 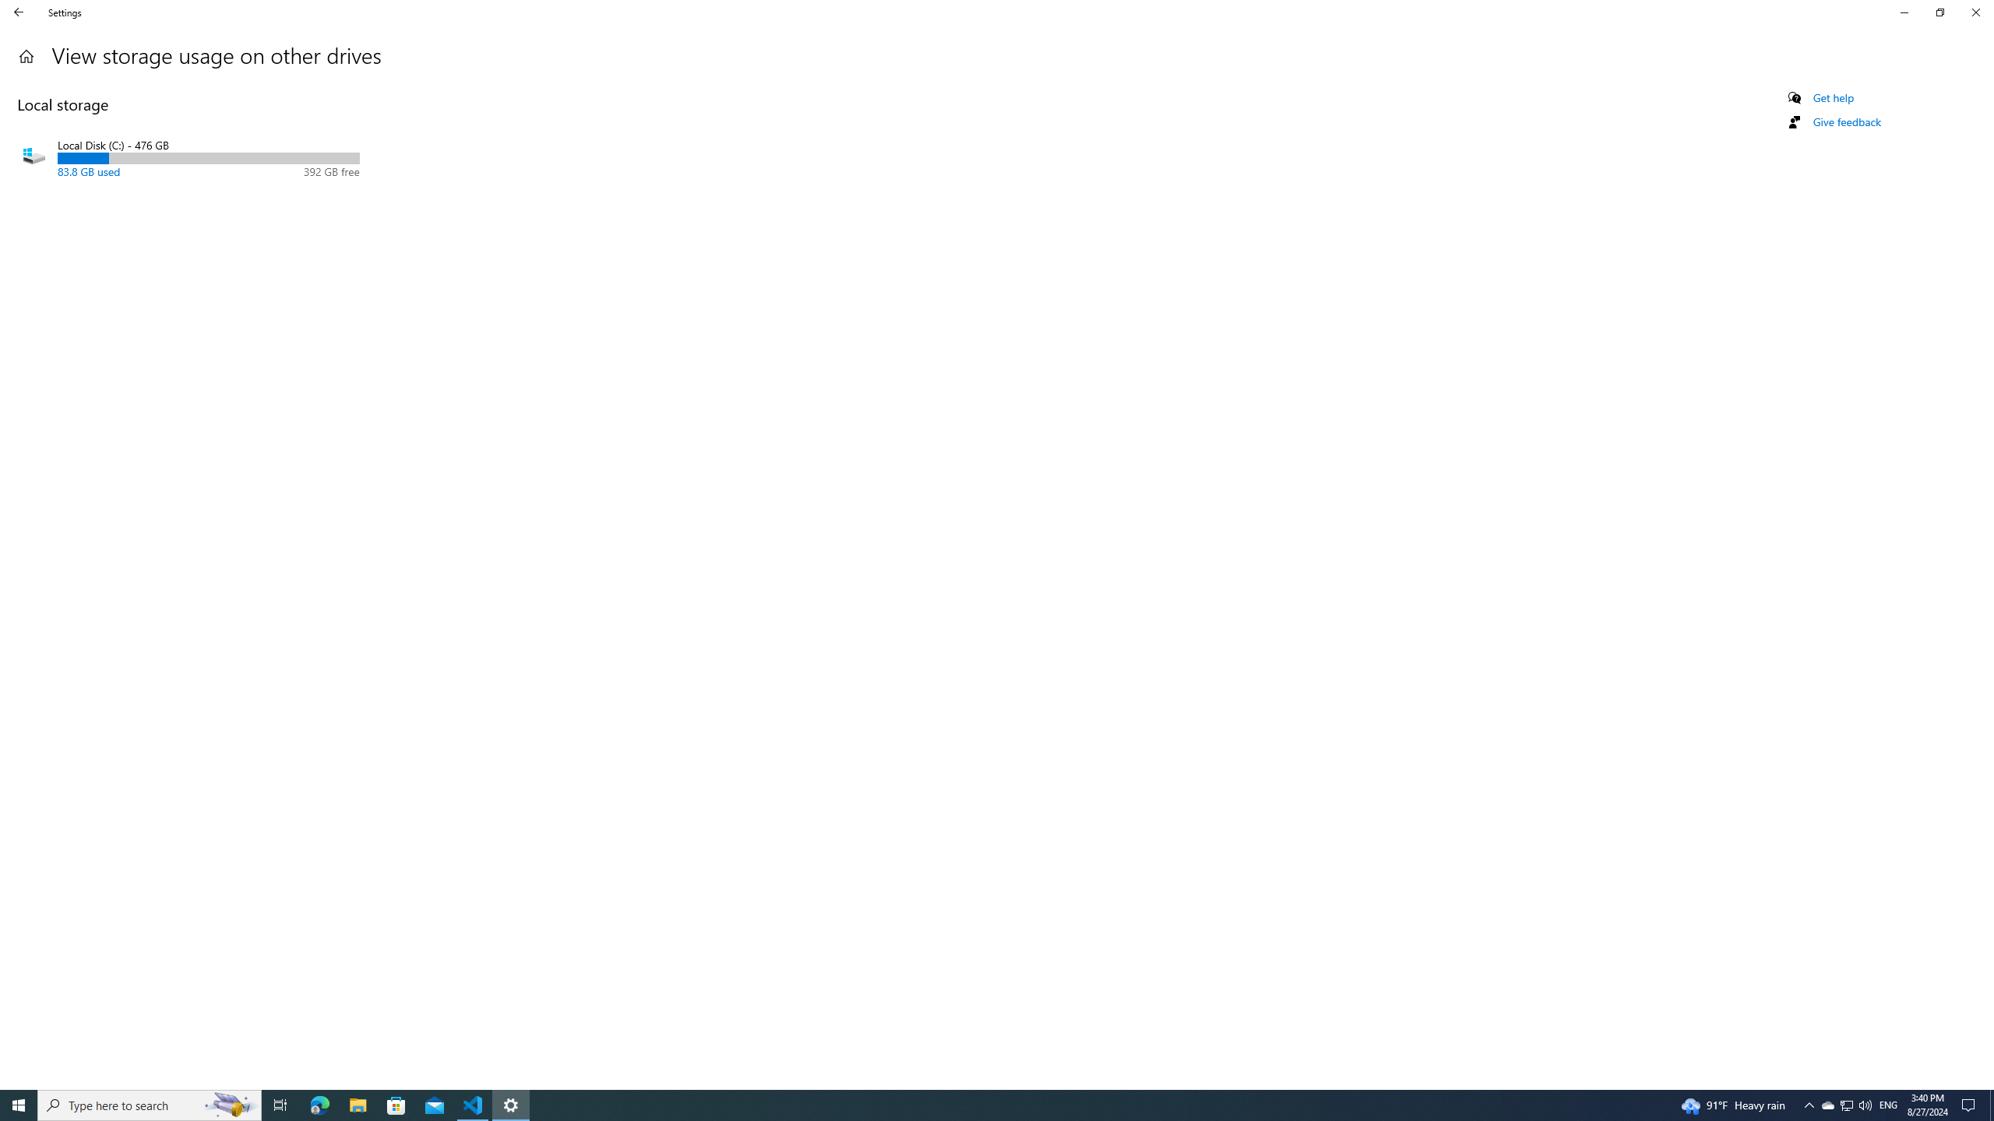 What do you see at coordinates (511, 1104) in the screenshot?
I see `'Settings - 1 running window'` at bounding box center [511, 1104].